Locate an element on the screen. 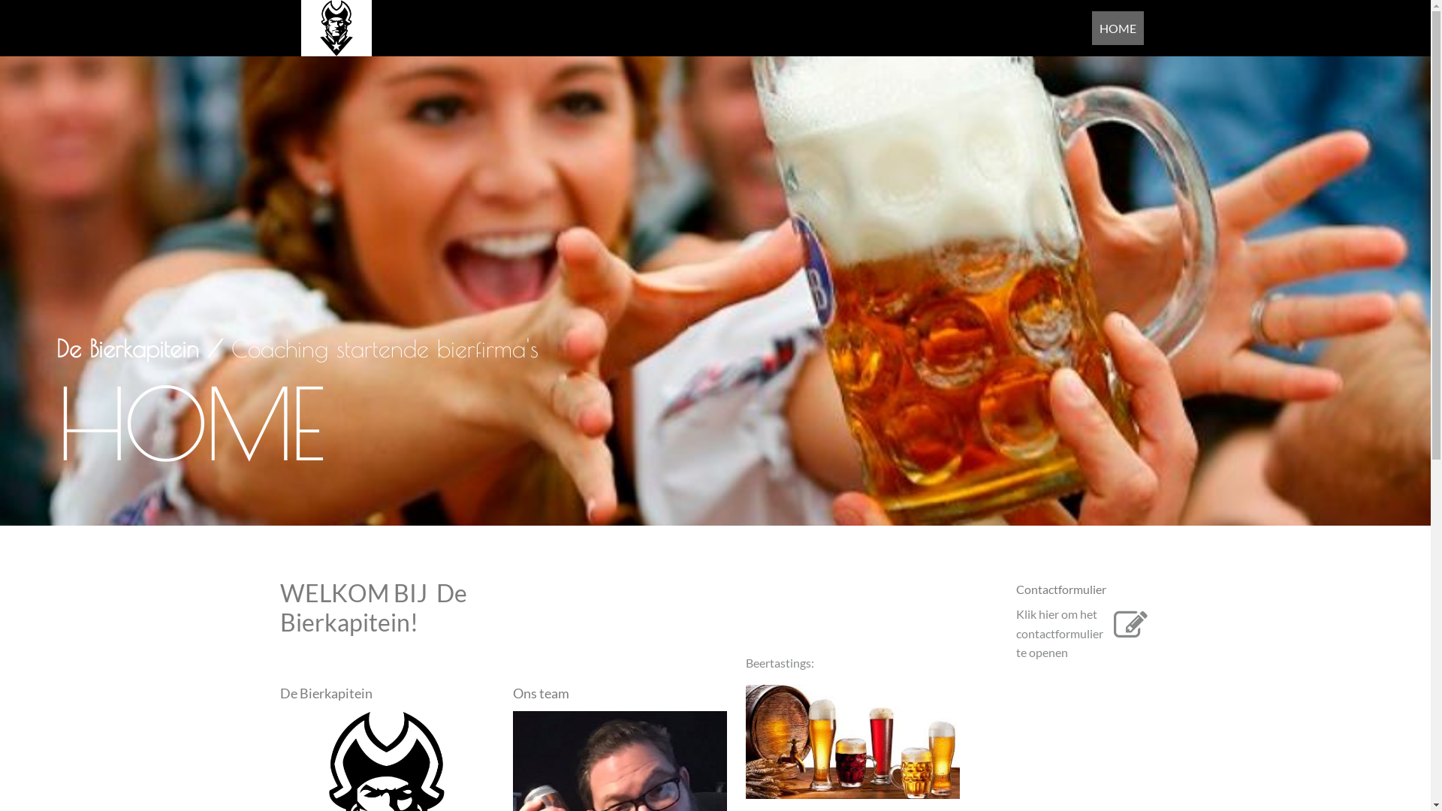  ' ' is located at coordinates (334, 26).